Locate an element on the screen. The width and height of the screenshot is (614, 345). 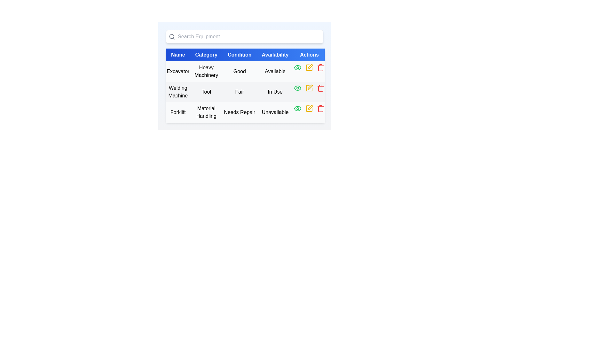
the text label displaying 'Heavy Machinery', which is the second cell in the first row of the table under the 'Category' column is located at coordinates (206, 71).